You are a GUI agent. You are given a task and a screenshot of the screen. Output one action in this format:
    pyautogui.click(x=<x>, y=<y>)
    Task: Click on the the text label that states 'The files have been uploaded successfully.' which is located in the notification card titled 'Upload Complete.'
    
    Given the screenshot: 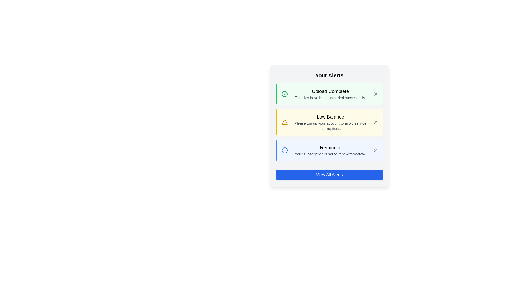 What is the action you would take?
    pyautogui.click(x=330, y=98)
    